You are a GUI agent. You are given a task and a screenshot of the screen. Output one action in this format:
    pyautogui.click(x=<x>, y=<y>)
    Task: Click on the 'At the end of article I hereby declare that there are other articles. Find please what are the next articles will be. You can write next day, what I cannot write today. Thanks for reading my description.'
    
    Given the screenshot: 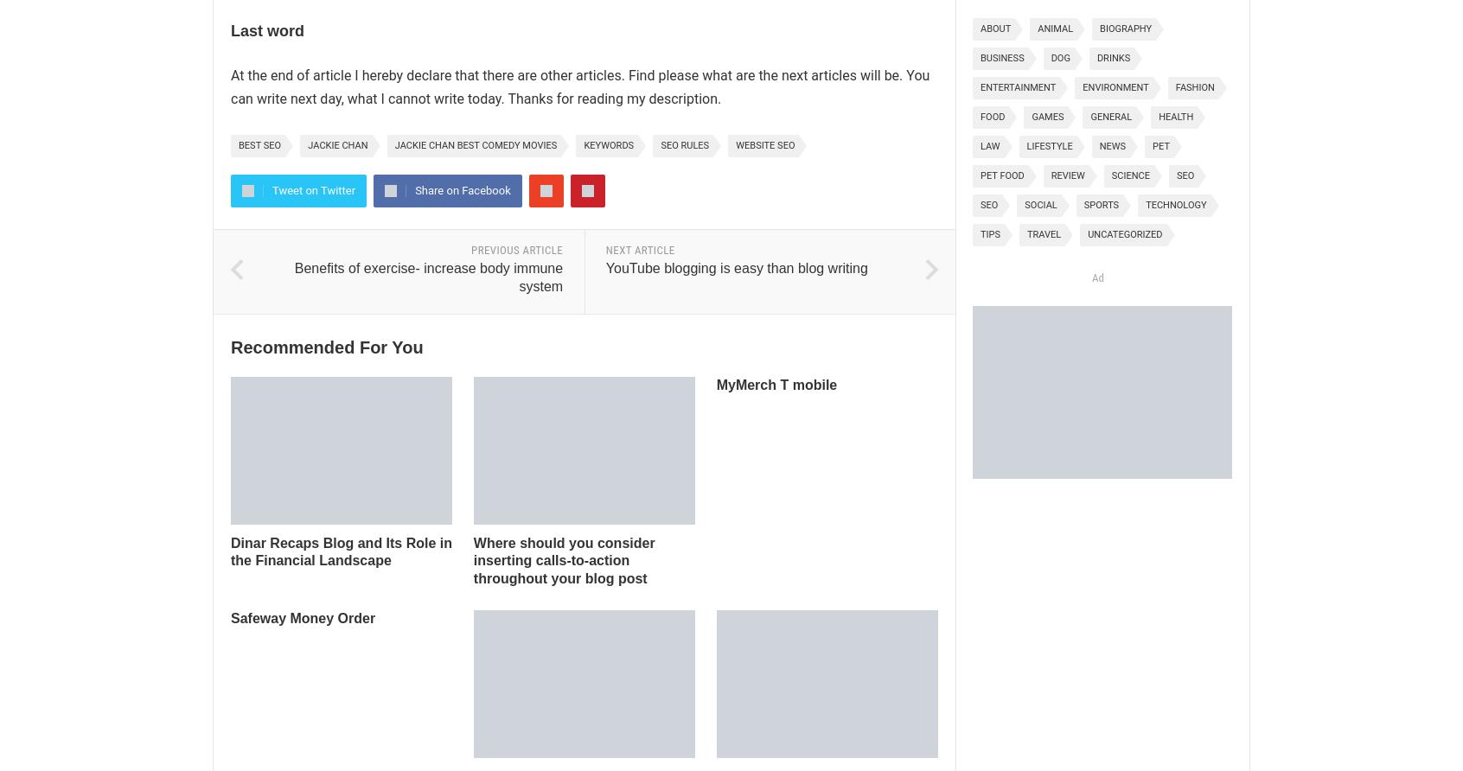 What is the action you would take?
    pyautogui.click(x=580, y=86)
    